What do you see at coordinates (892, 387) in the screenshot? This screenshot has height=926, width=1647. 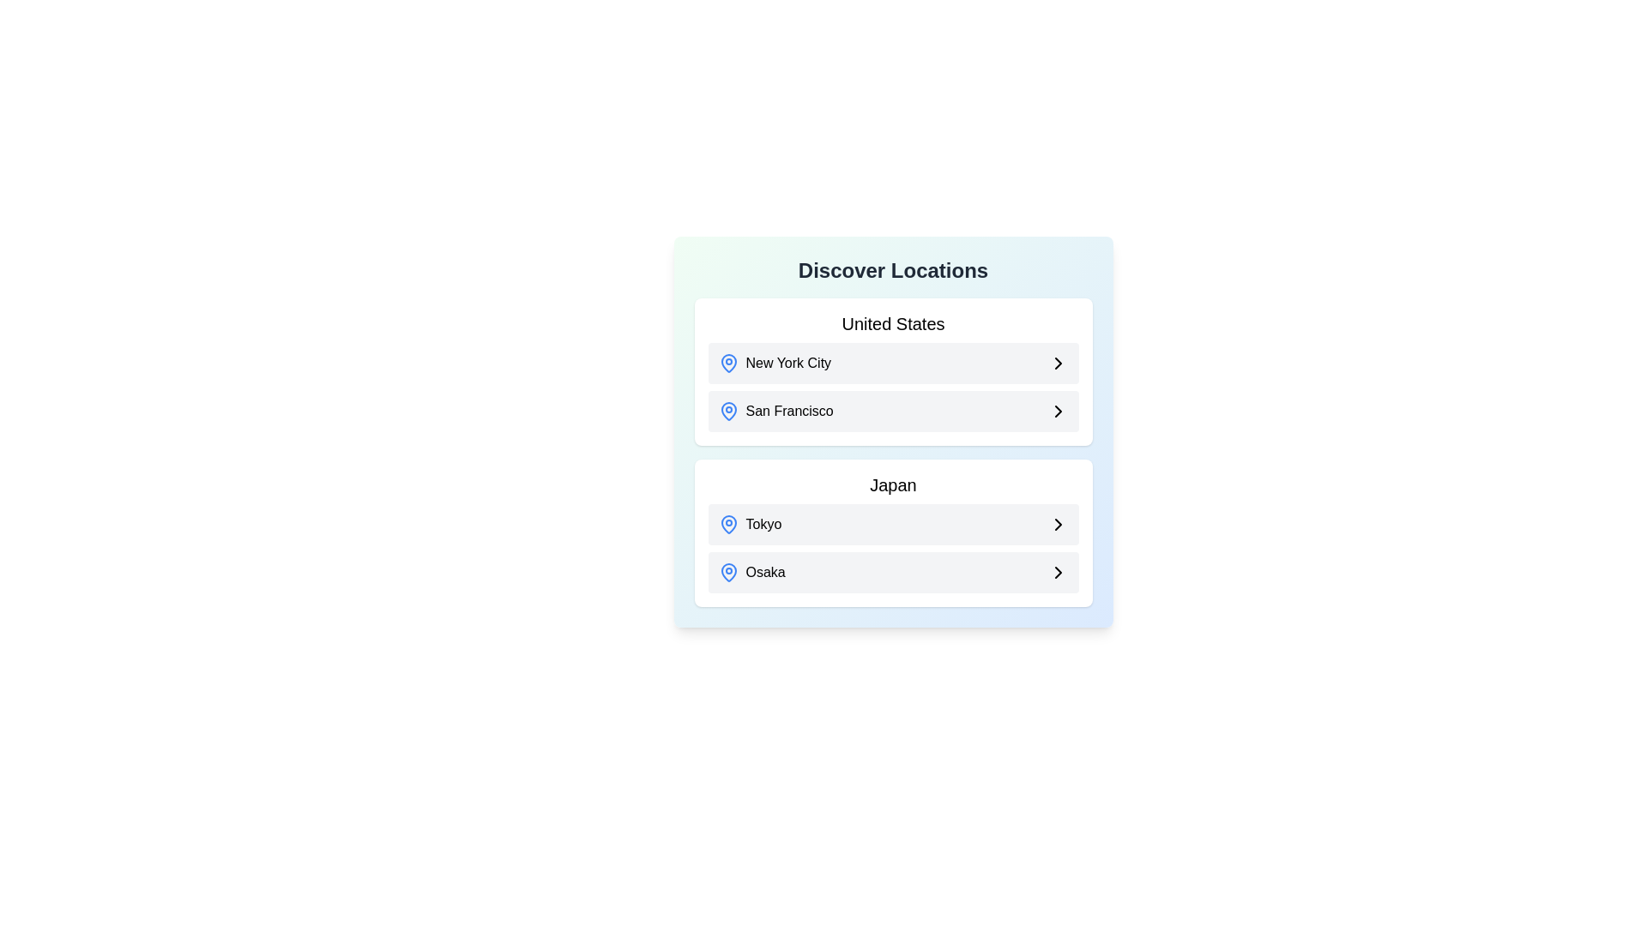 I see `the selectable items list for 'New York City' or 'San Francisco' located within the 'United States' card, positioned between 'Discover Locations' and 'Japan'` at bounding box center [892, 387].